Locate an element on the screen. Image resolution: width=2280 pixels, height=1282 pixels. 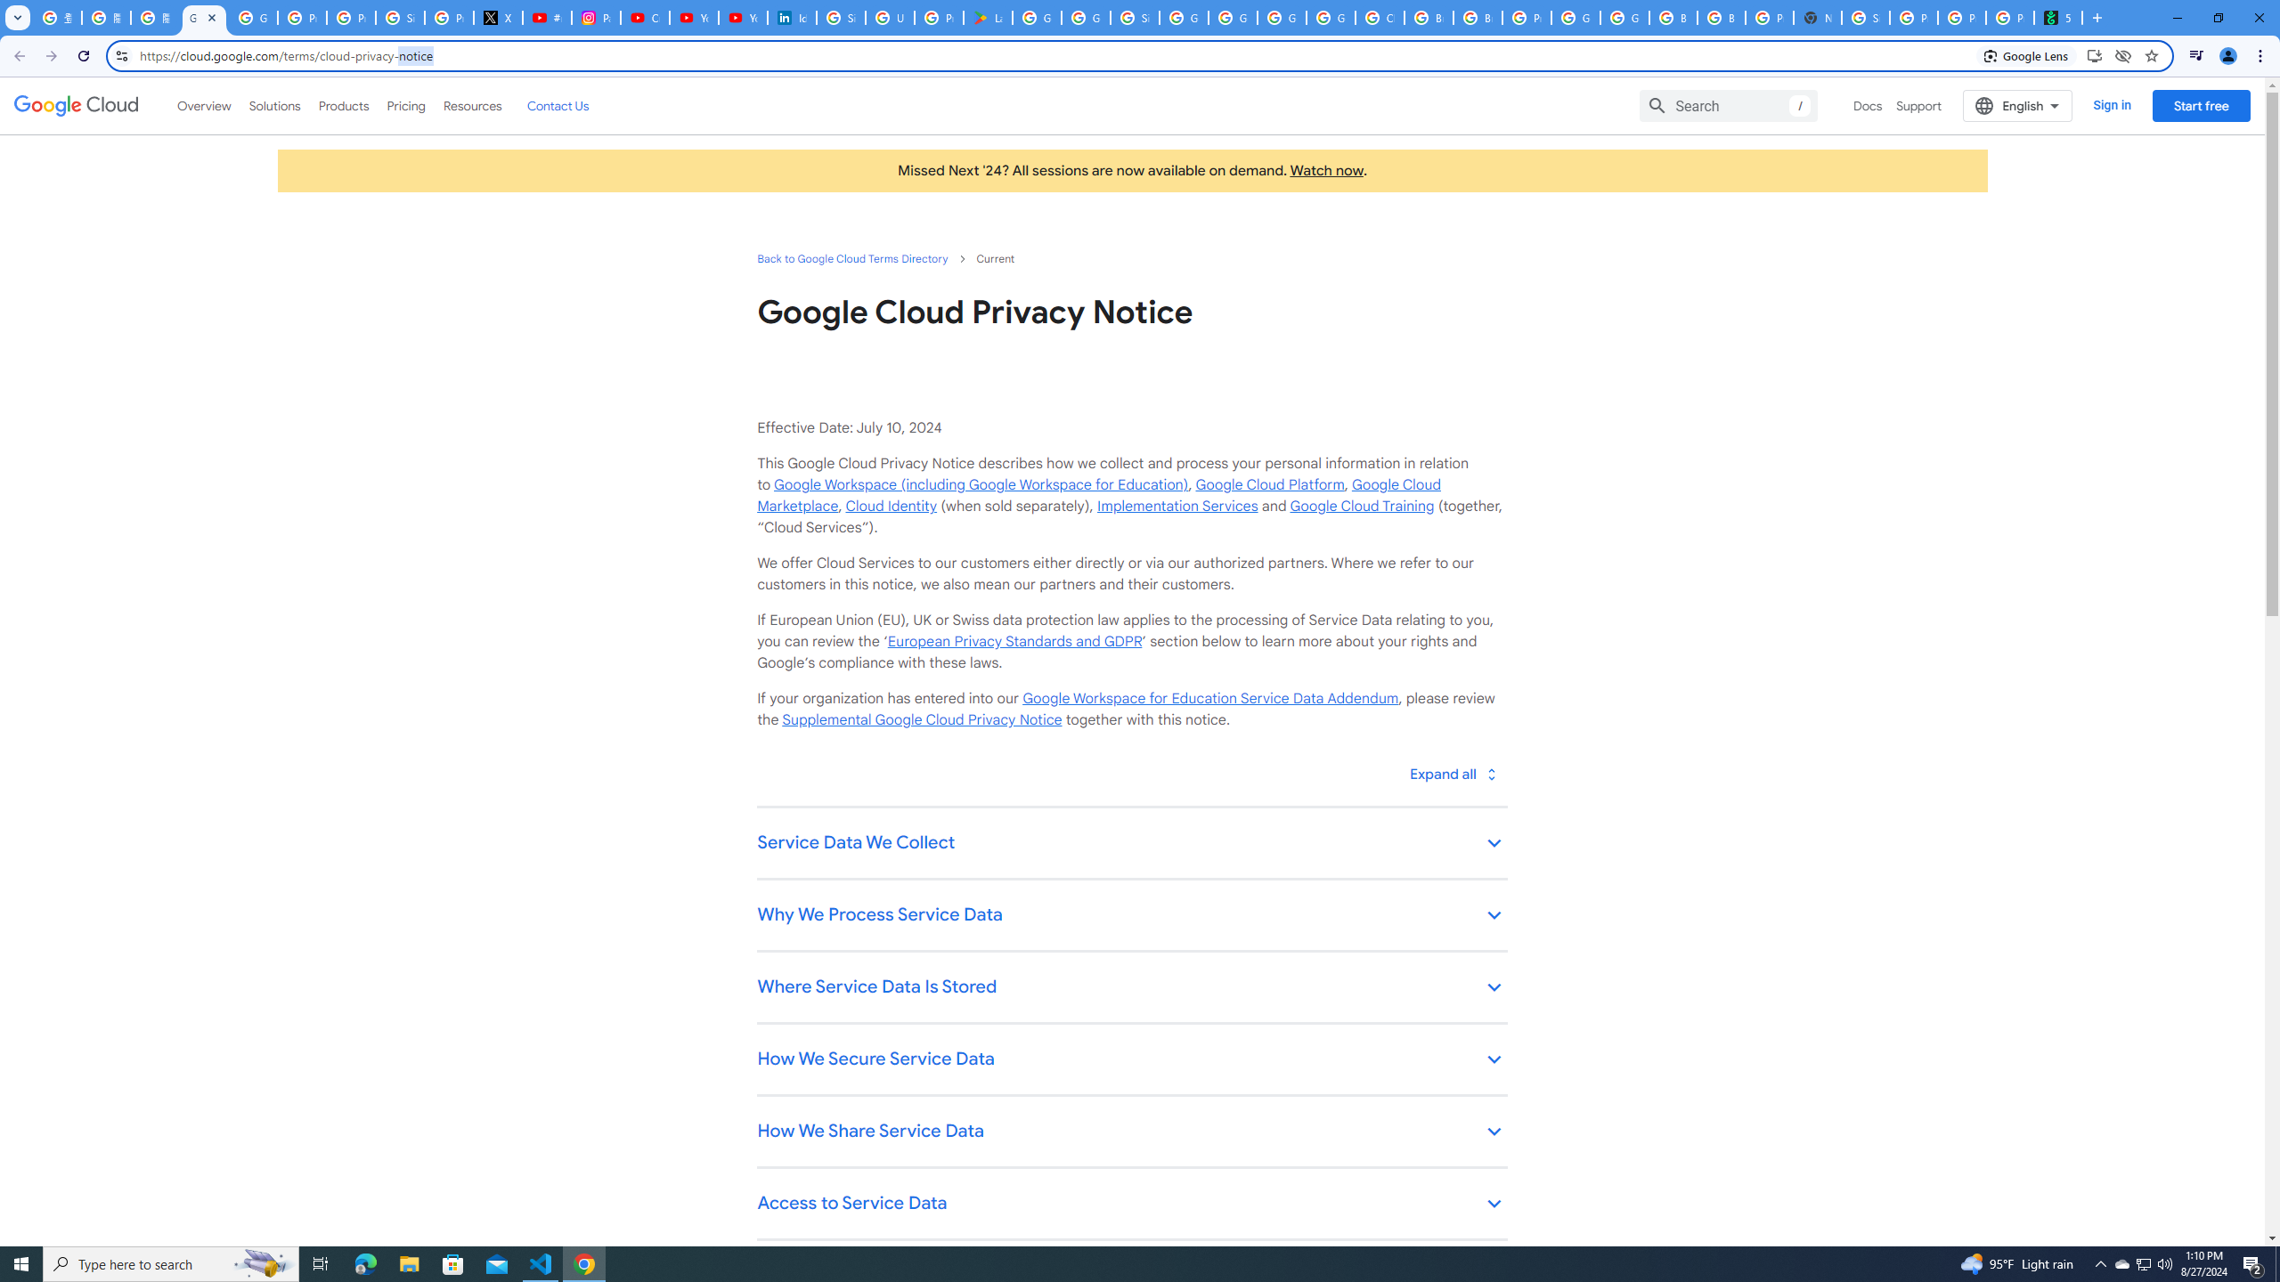
'Google Cloud Training' is located at coordinates (1361, 505).